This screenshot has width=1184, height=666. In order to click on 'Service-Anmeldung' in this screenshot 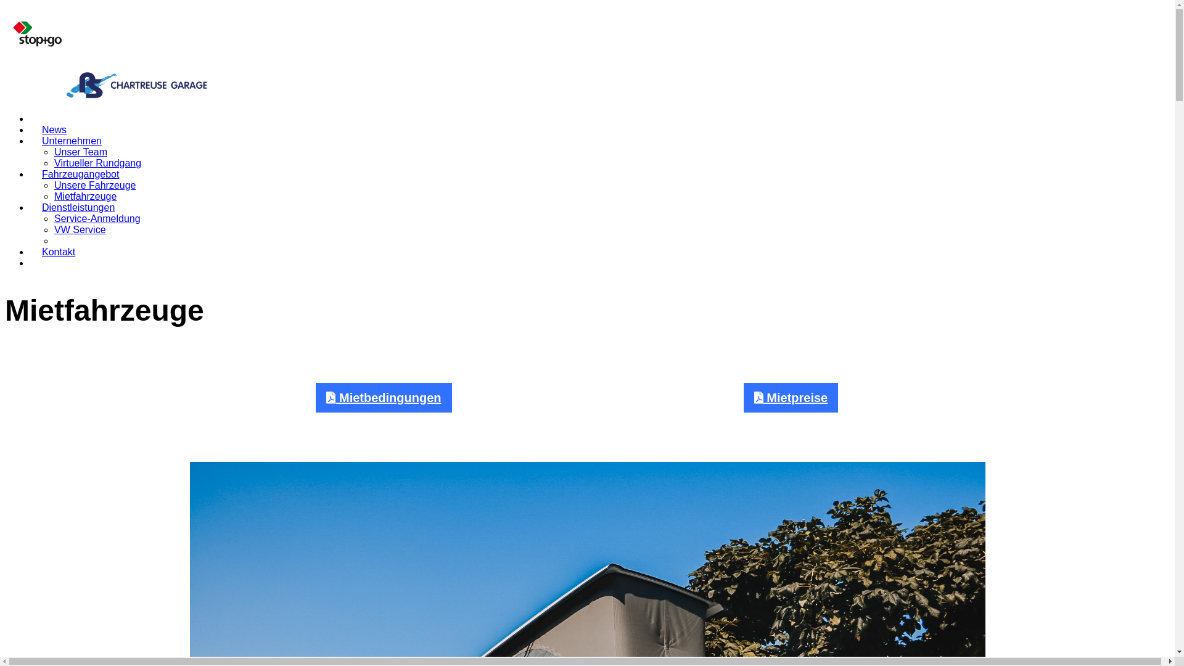, I will do `click(97, 218)`.